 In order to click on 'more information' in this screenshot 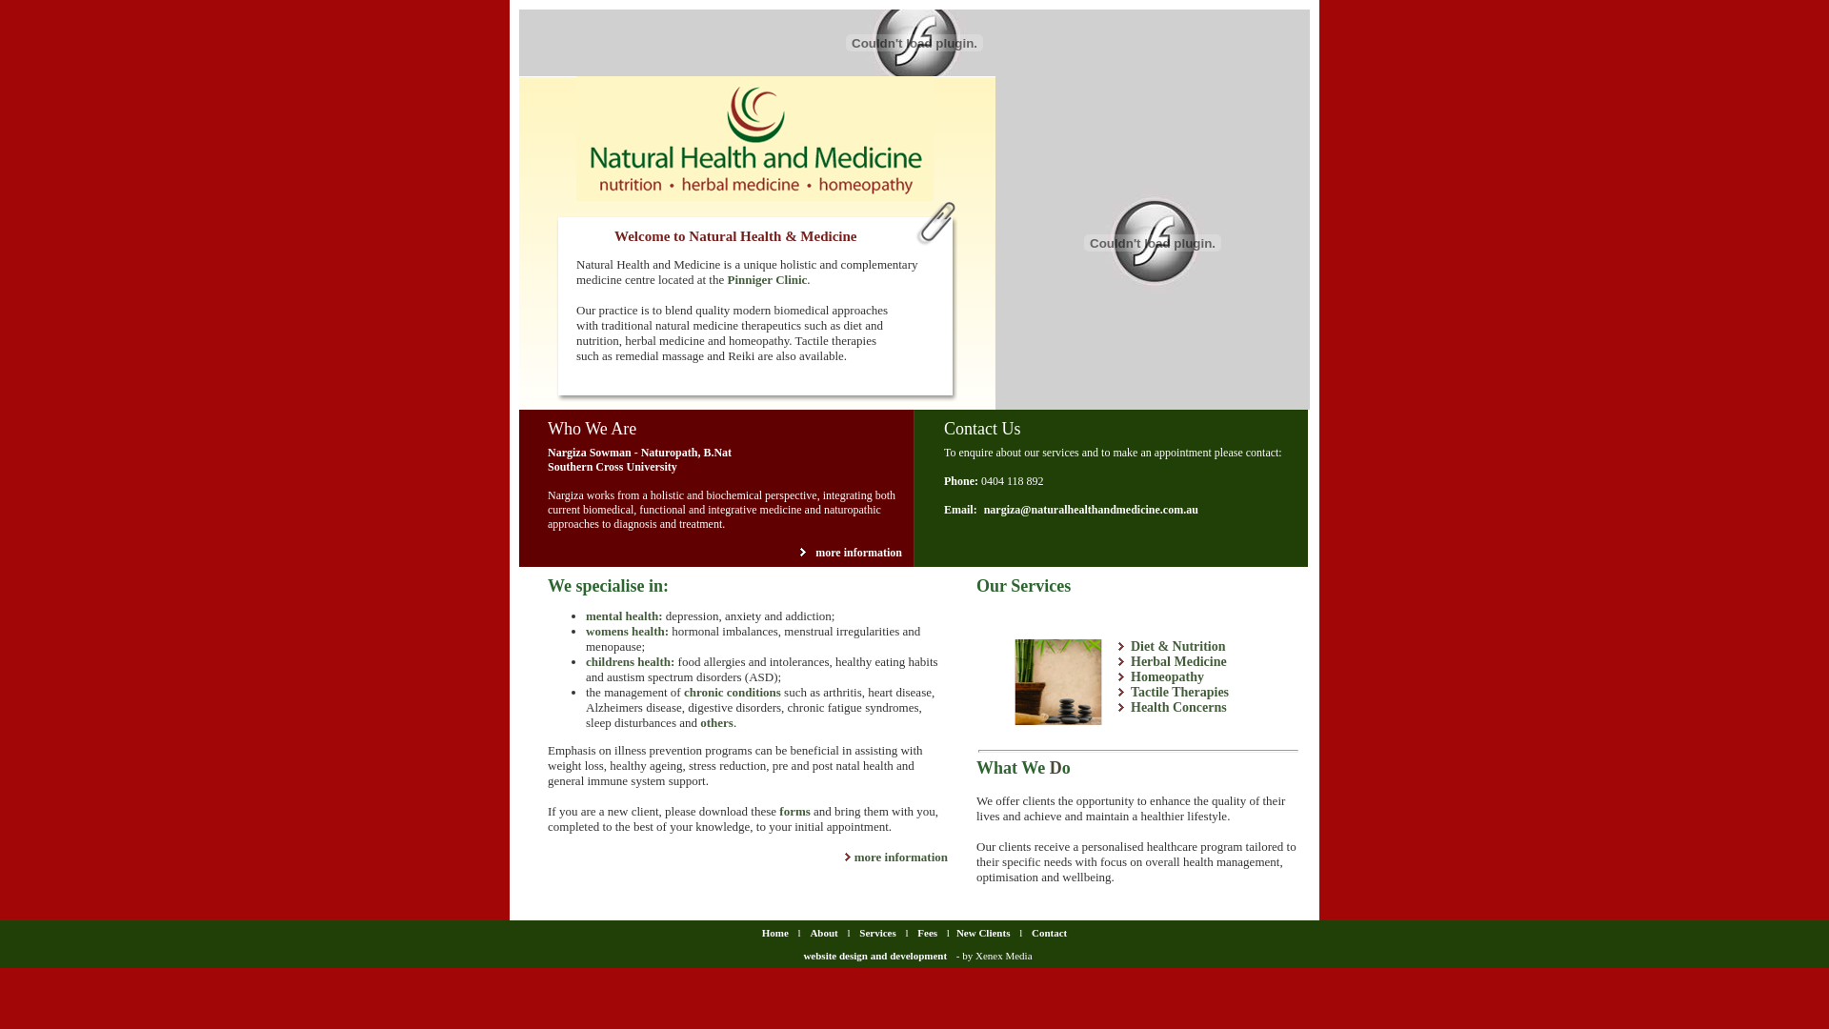, I will do `click(899, 856)`.